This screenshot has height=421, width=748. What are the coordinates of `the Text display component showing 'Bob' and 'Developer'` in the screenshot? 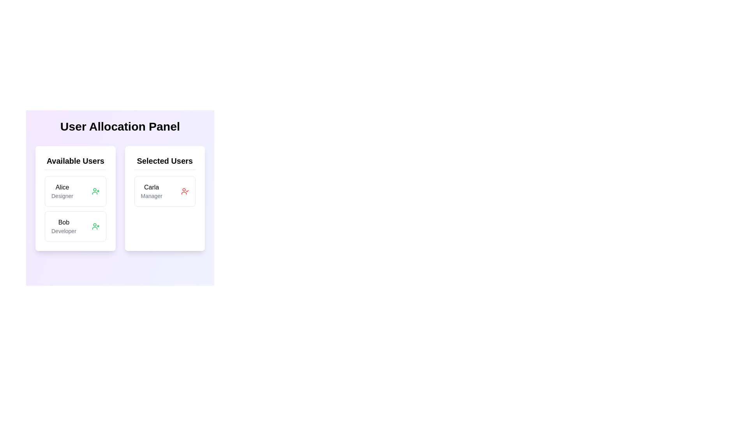 It's located at (64, 226).